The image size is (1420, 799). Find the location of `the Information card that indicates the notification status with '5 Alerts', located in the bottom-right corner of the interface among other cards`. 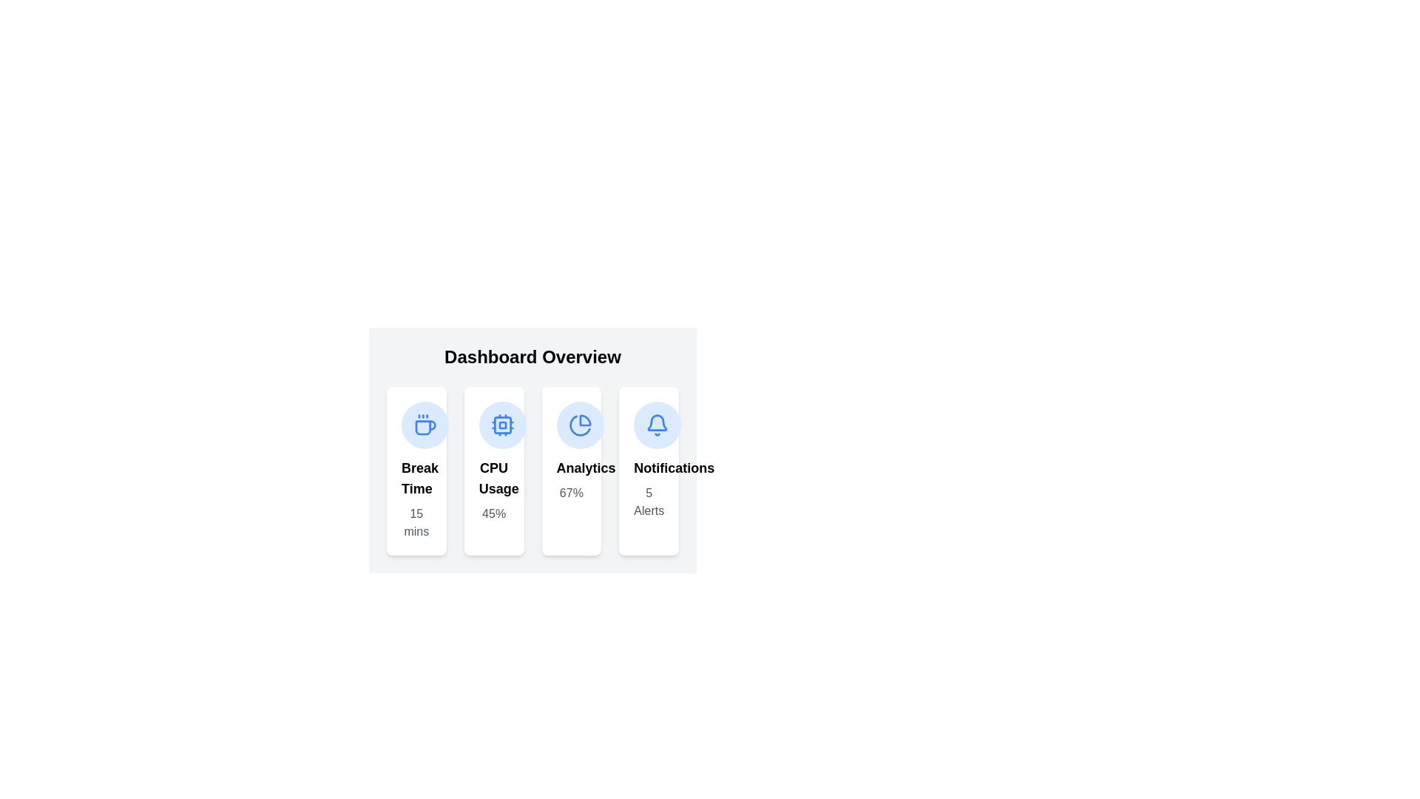

the Information card that indicates the notification status with '5 Alerts', located in the bottom-right corner of the interface among other cards is located at coordinates (649, 471).